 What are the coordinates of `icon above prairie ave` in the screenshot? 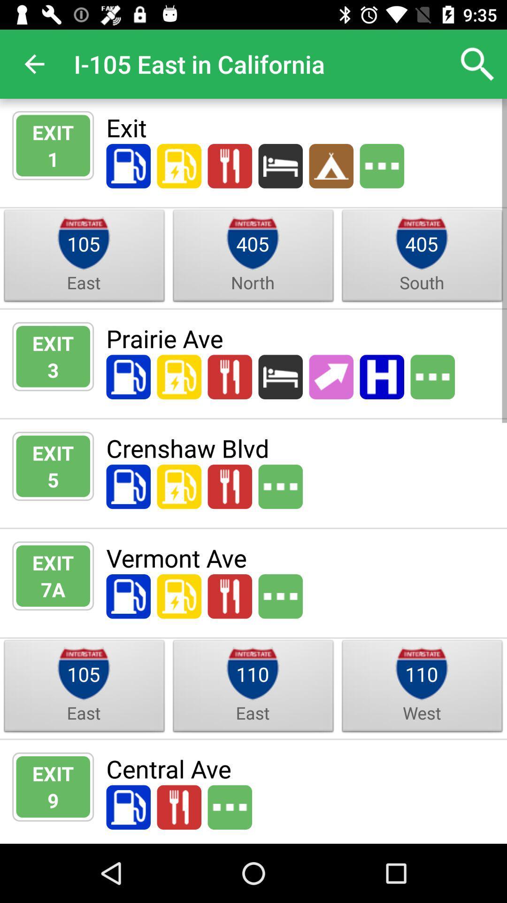 It's located at (421, 282).